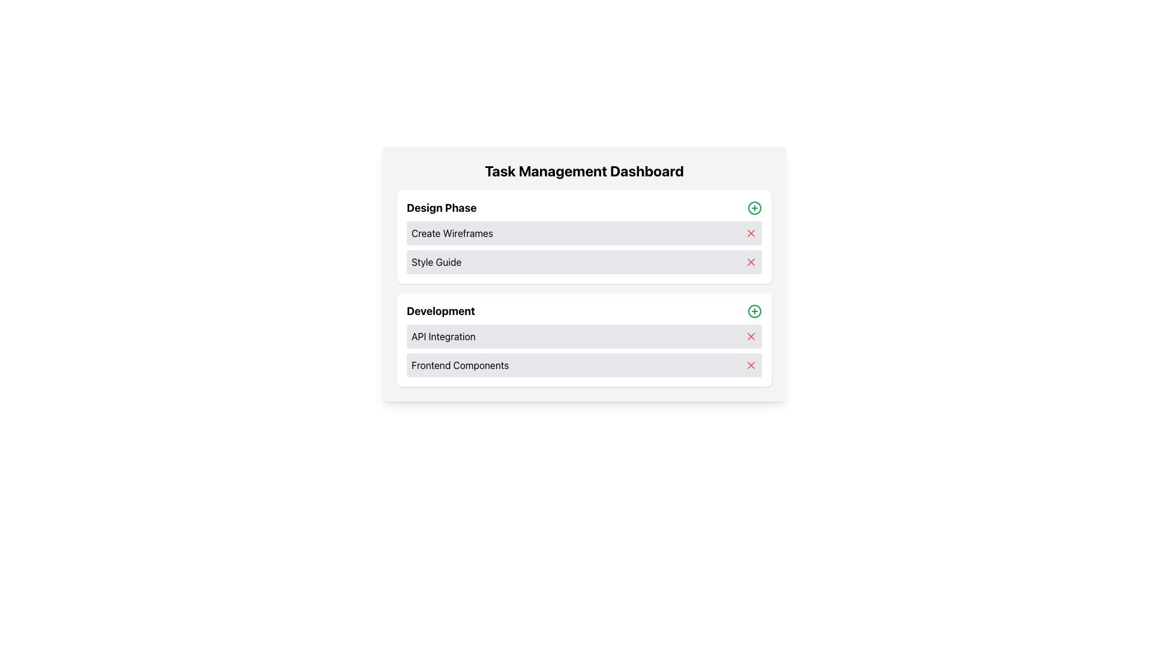 Image resolution: width=1152 pixels, height=648 pixels. Describe the element at coordinates (441, 208) in the screenshot. I see `heading text element for the 'Design Phase' tasks section, which is positioned at the top of the card and serves to organize associated tasks` at that location.